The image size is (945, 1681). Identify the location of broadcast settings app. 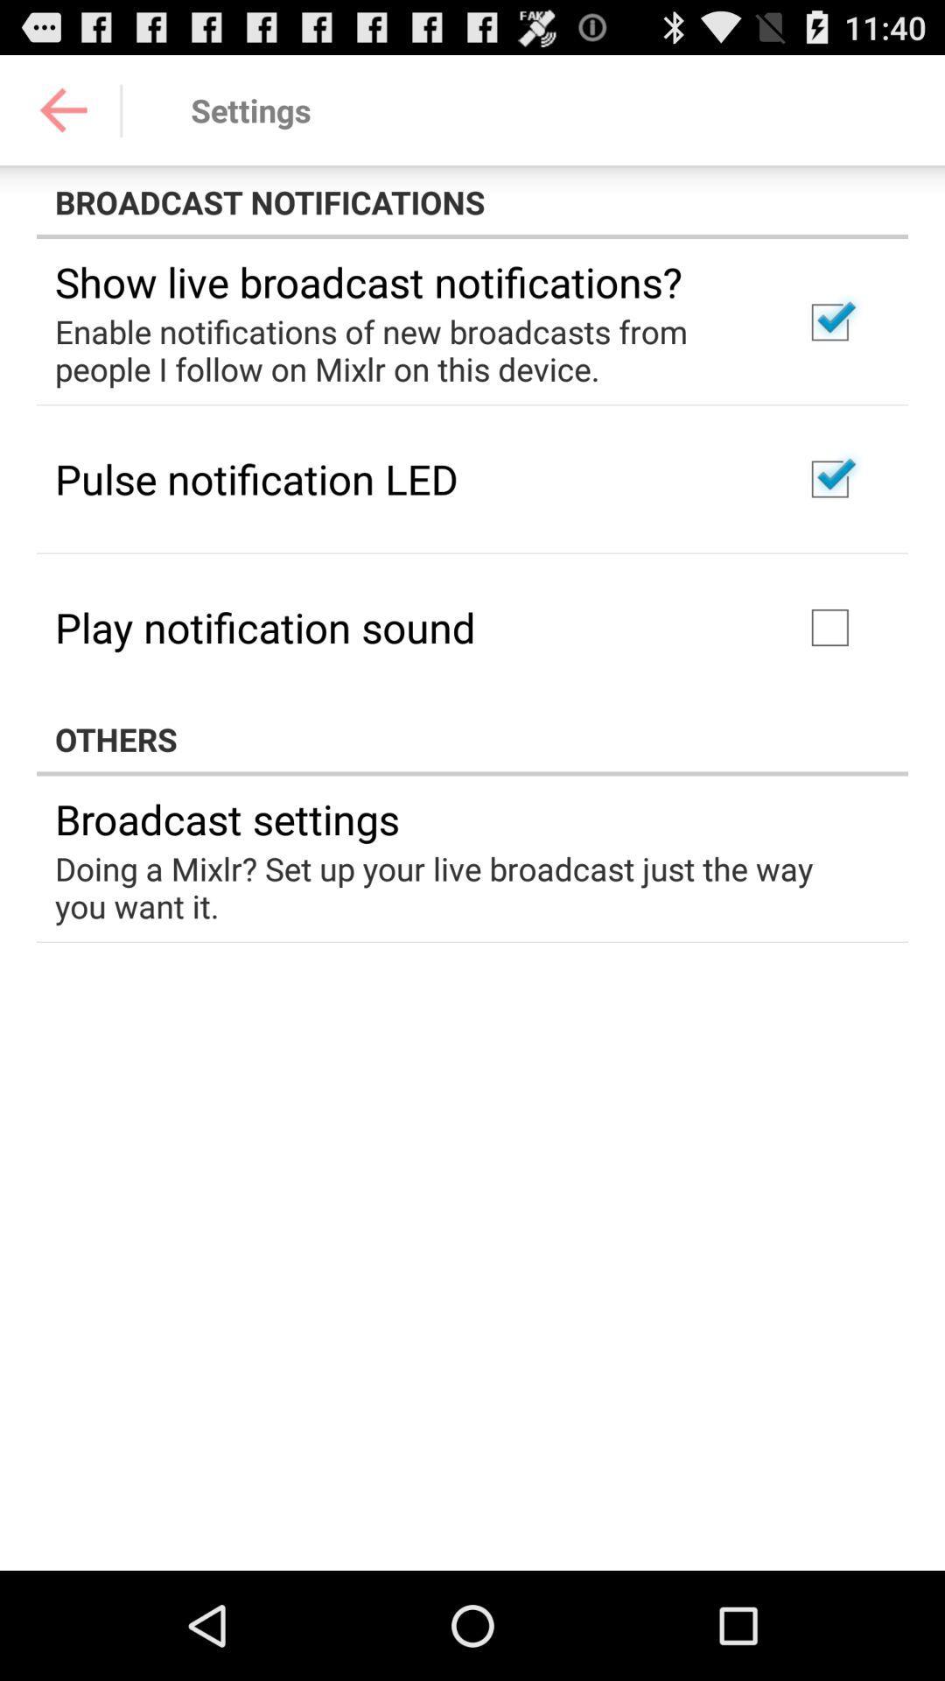
(226, 818).